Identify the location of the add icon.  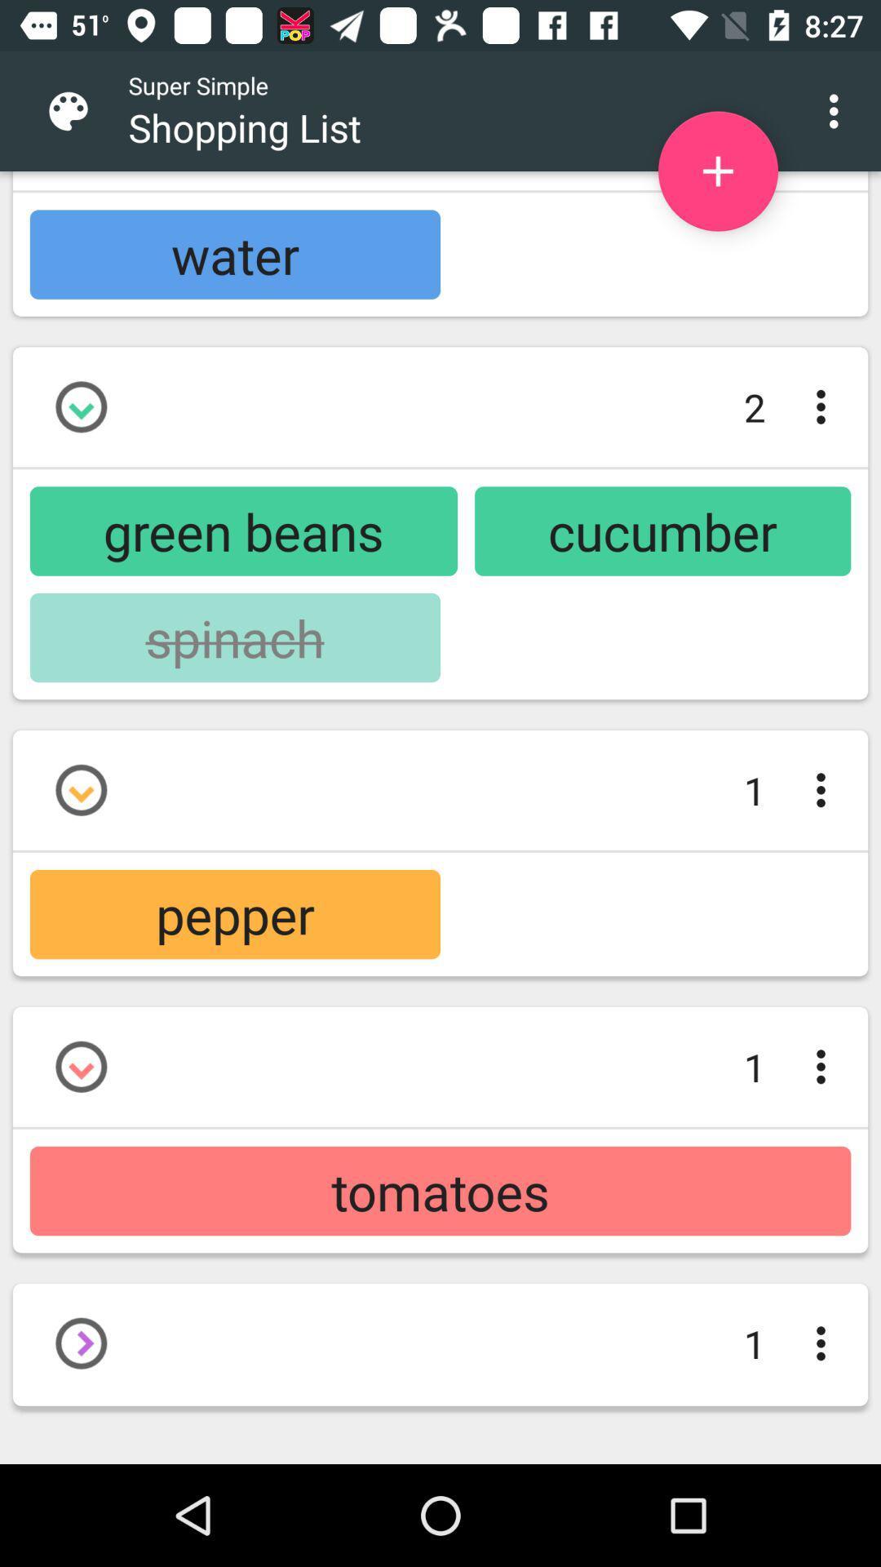
(717, 171).